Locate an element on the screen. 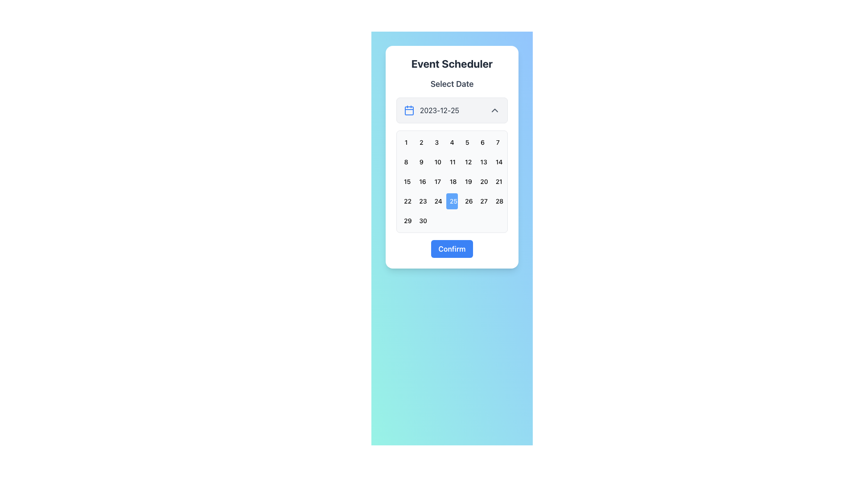 This screenshot has width=856, height=481. the date selection button for '29' in the calendar grid is located at coordinates (406, 220).